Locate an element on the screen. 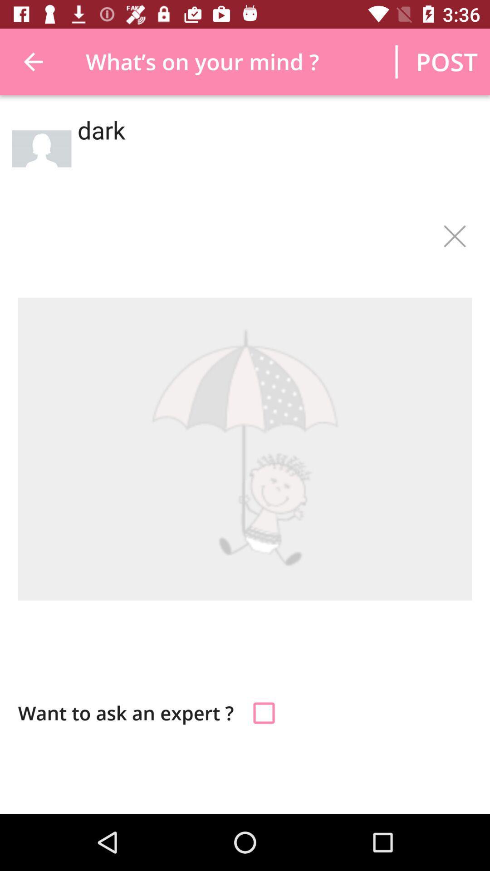  dark item is located at coordinates (271, 158).